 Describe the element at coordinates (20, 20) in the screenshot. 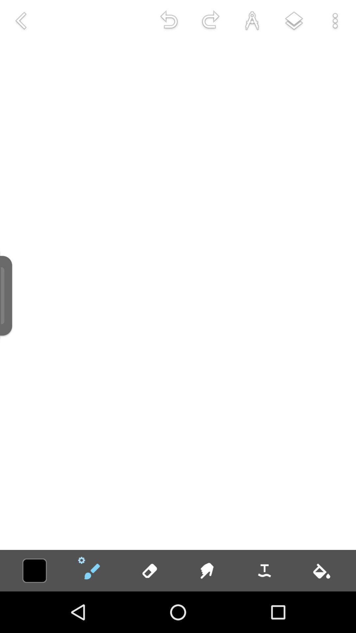

I see `the arrow_backward icon` at that location.